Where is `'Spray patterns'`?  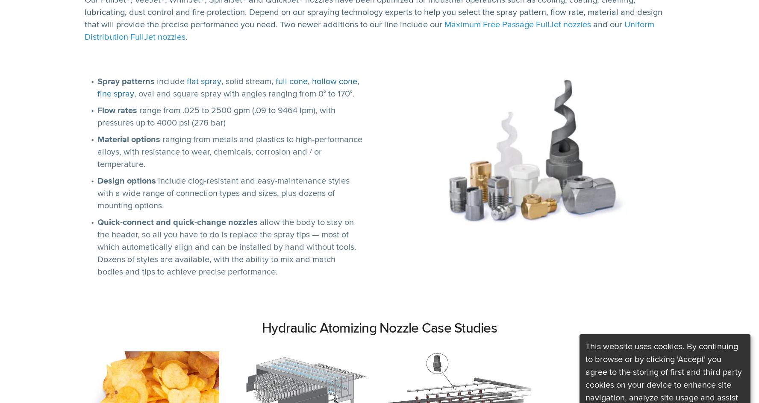
'Spray patterns' is located at coordinates (126, 81).